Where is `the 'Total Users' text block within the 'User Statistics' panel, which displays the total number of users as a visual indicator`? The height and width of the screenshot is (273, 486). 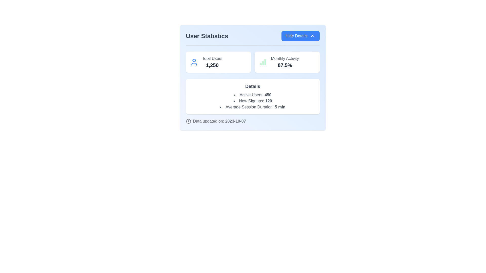
the 'Total Users' text block within the 'User Statistics' panel, which displays the total number of users as a visual indicator is located at coordinates (212, 65).